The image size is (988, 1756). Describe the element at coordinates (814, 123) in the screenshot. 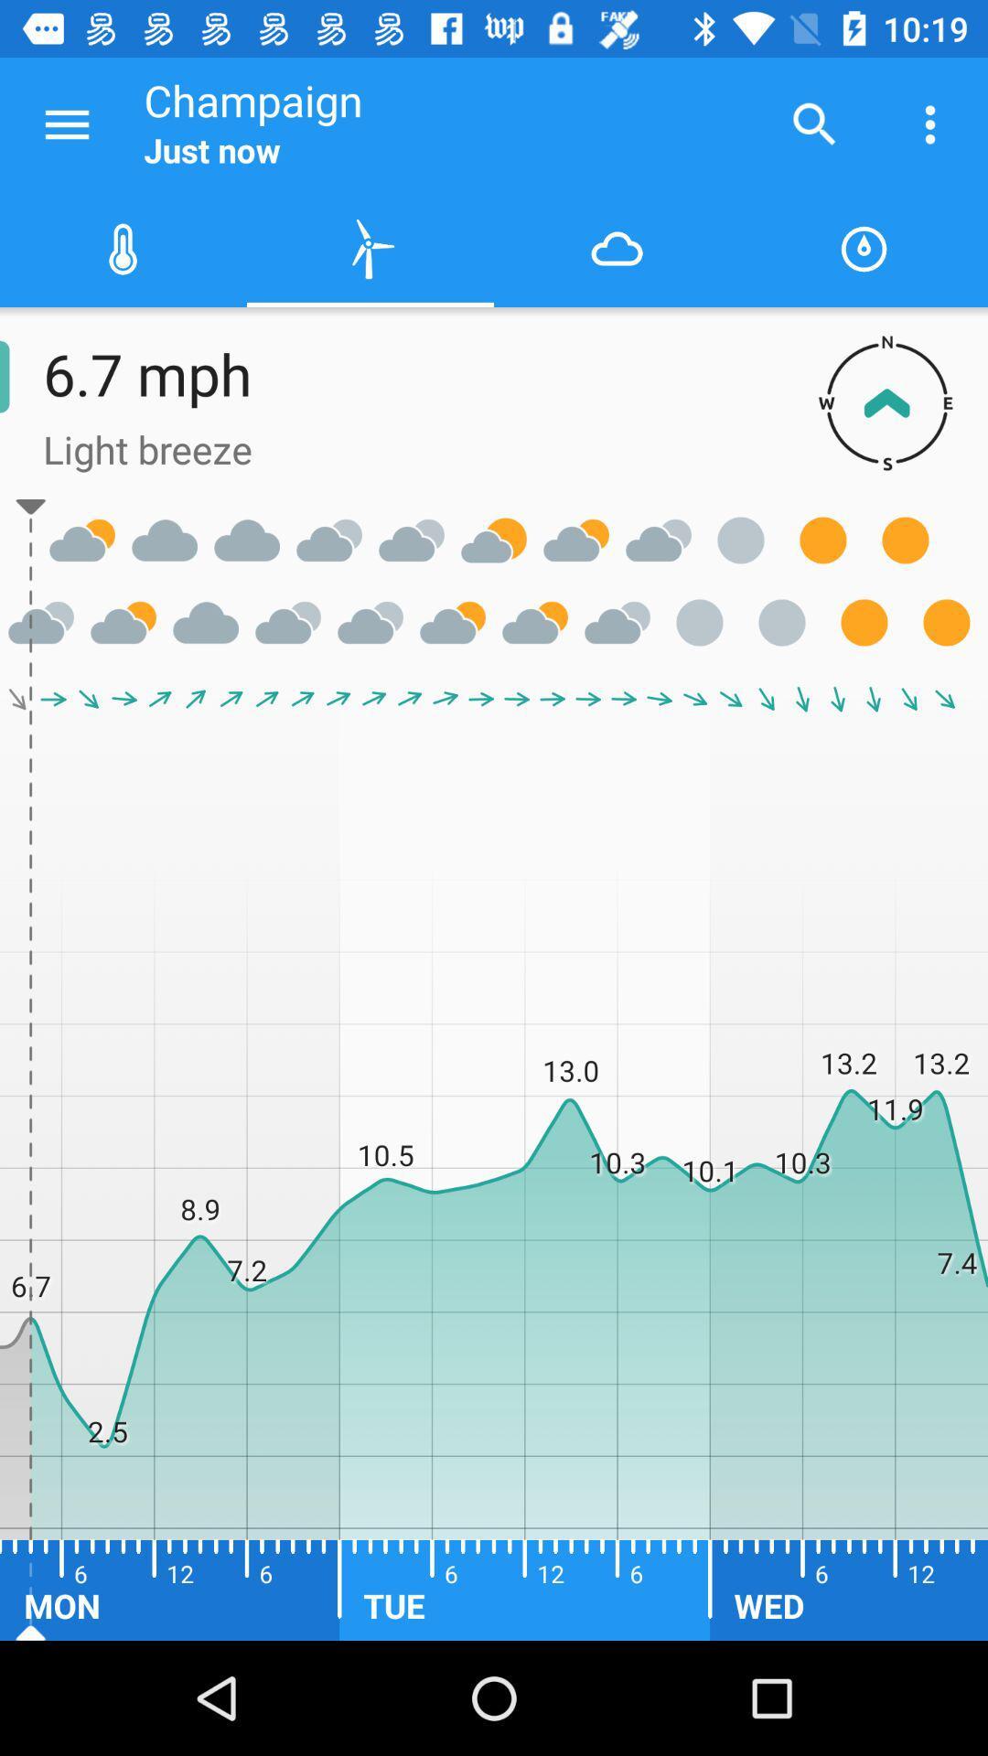

I see `the icon next to the champaign icon` at that location.